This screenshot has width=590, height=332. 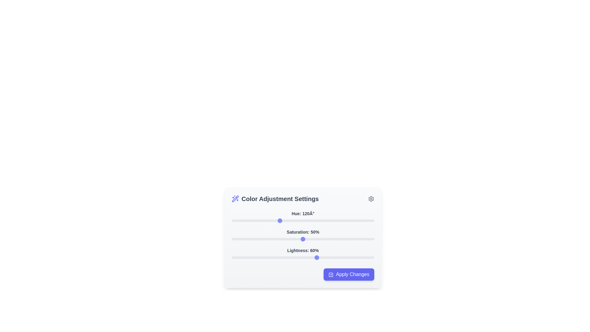 I want to click on text of the Text Label serving as a title for the Color Adjustment Settings section, located at the top-left corner of the settings panel, so click(x=275, y=199).